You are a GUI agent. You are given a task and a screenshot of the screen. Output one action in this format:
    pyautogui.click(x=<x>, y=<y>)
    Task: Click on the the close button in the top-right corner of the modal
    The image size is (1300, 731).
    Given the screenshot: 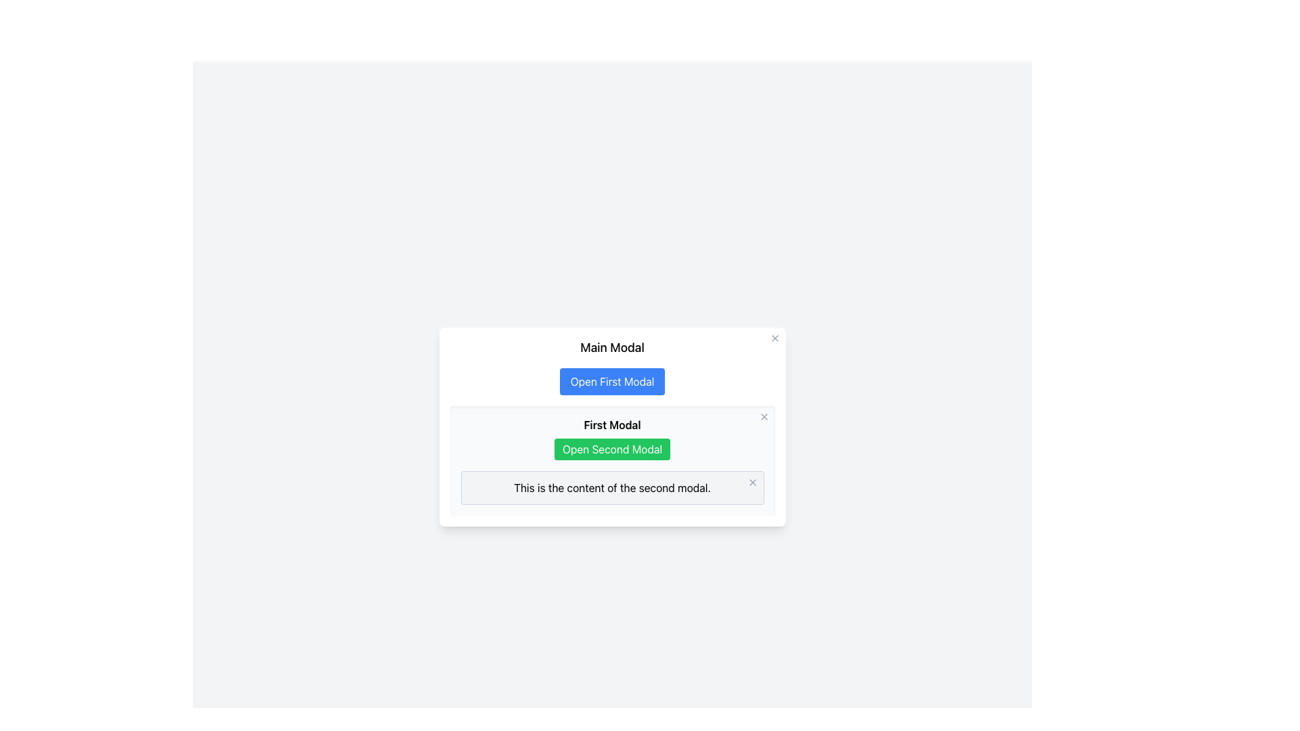 What is the action you would take?
    pyautogui.click(x=752, y=482)
    